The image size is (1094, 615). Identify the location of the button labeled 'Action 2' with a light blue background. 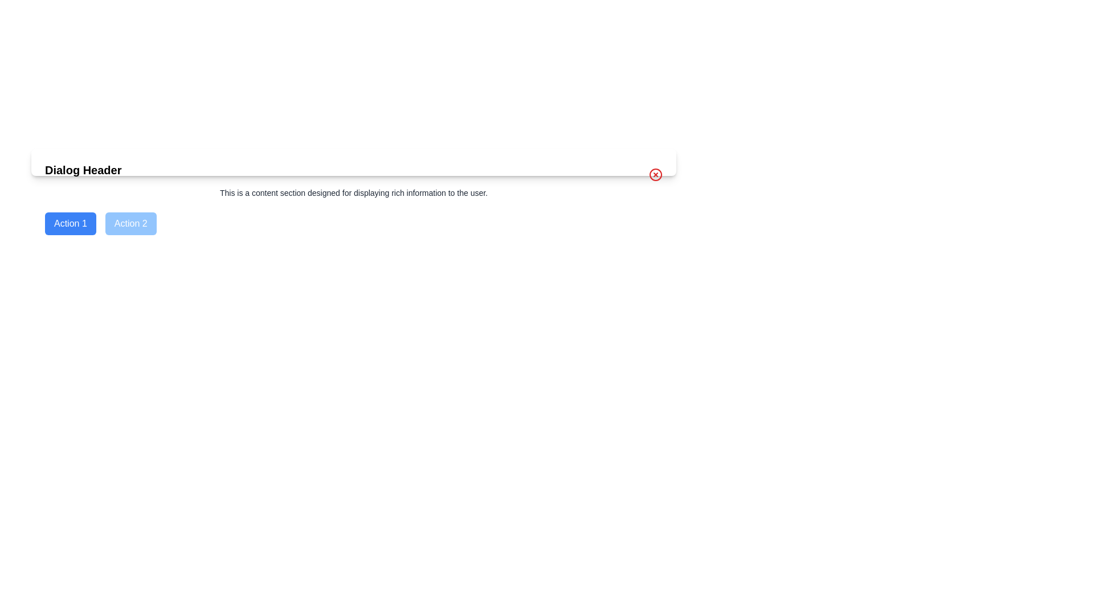
(130, 224).